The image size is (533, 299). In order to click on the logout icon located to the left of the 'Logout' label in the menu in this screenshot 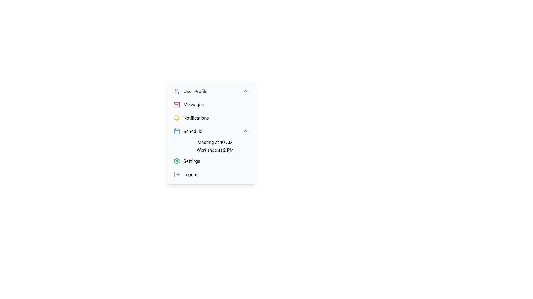, I will do `click(177, 174)`.